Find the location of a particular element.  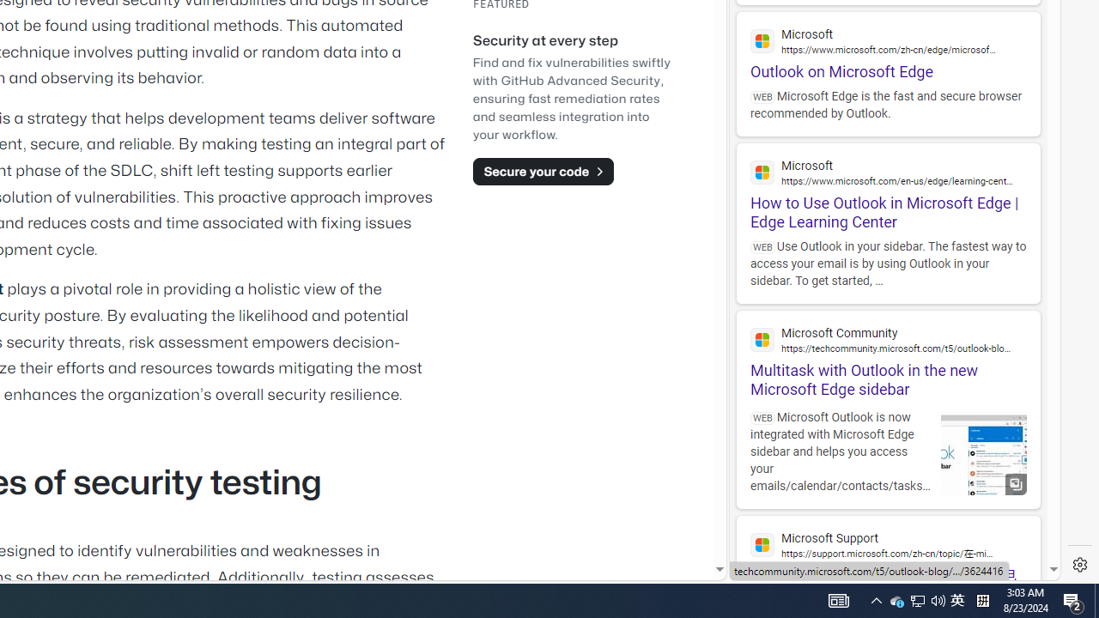

'Microsoft Support' is located at coordinates (888, 544).